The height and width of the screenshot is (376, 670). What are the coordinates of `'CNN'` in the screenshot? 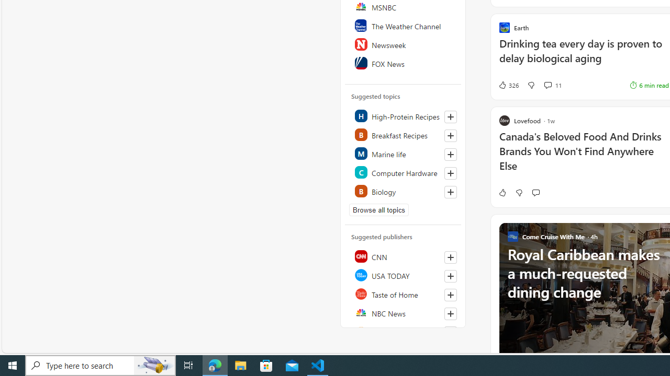 It's located at (403, 256).